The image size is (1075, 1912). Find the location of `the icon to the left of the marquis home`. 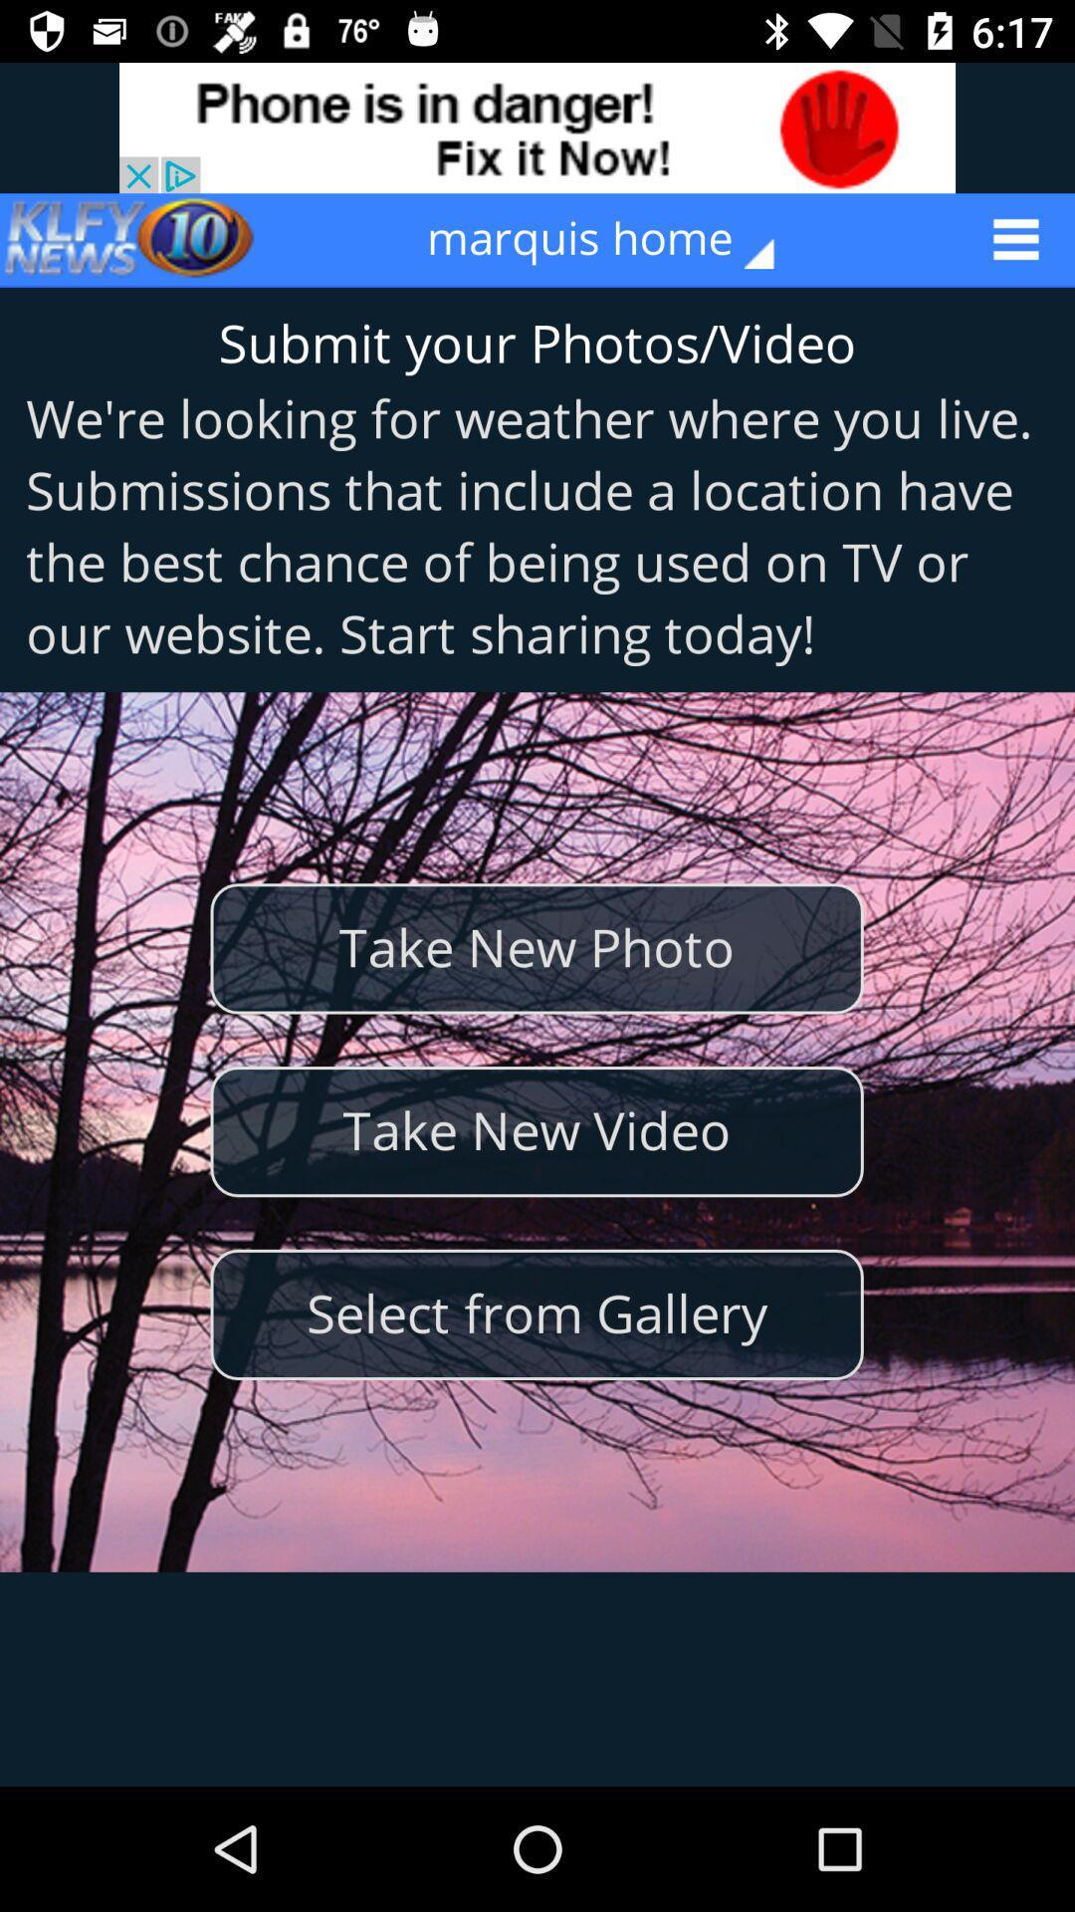

the icon to the left of the marquis home is located at coordinates (130, 239).